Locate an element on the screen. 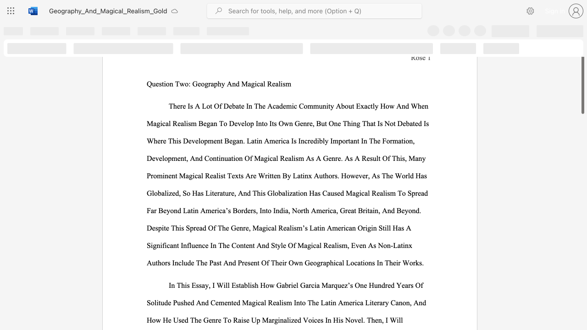 Image resolution: width=587 pixels, height=330 pixels. the scrollbar on the right side to scroll the page down is located at coordinates (582, 257).